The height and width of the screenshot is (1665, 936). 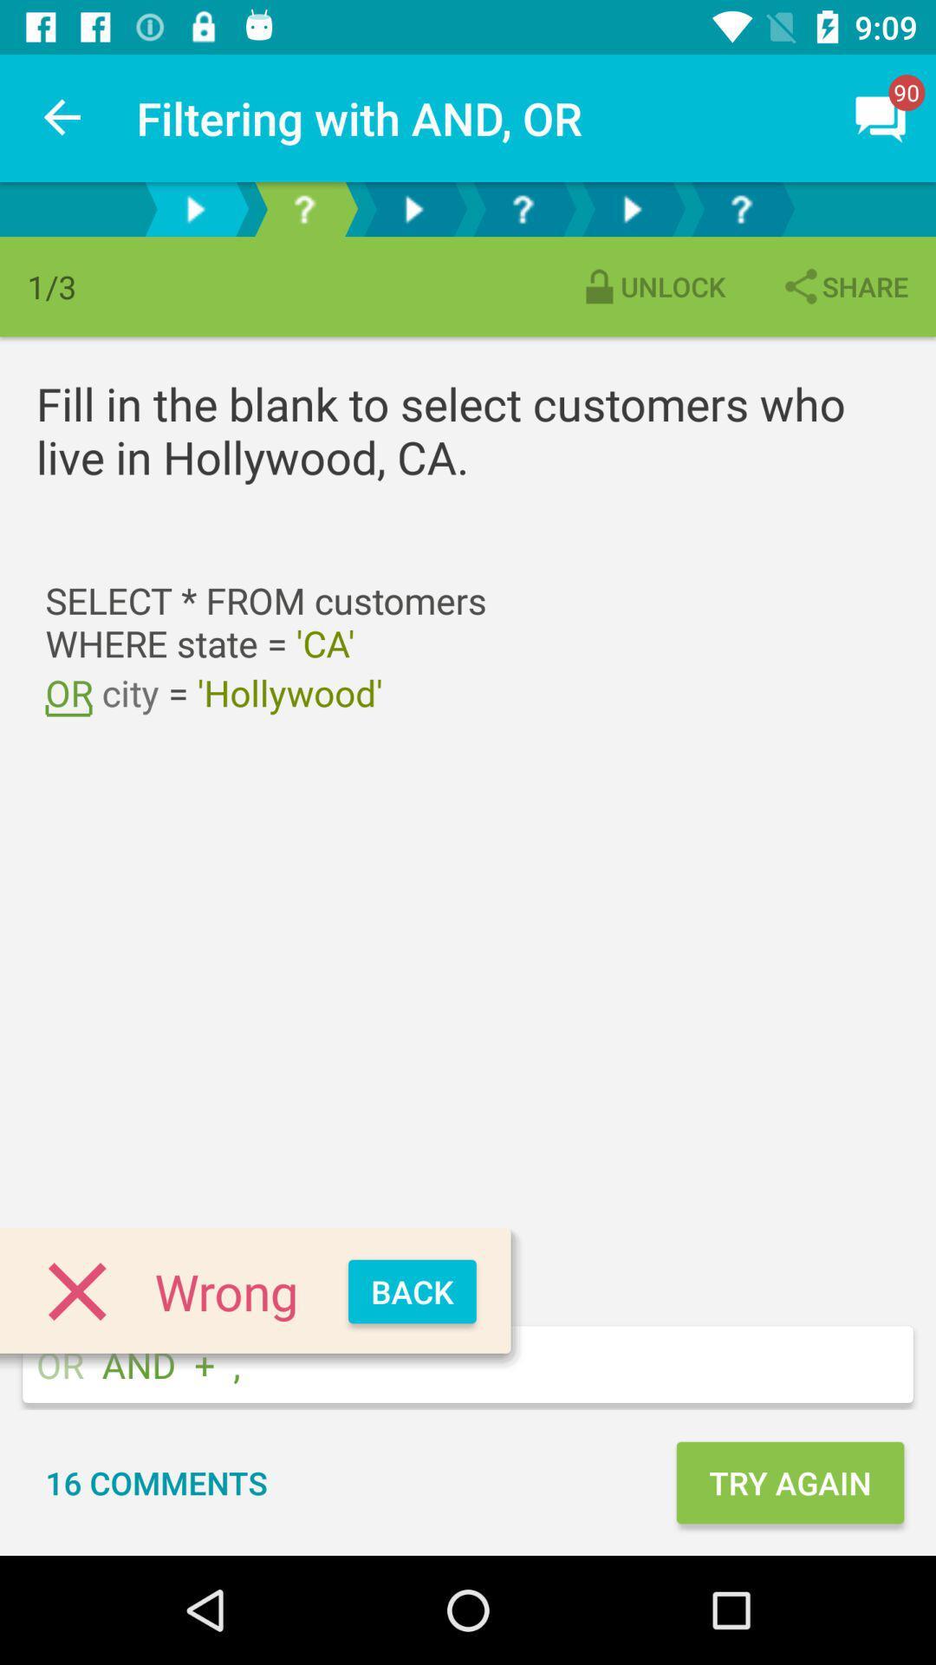 What do you see at coordinates (412, 1291) in the screenshot?
I see `the item to the right of the wrong icon` at bounding box center [412, 1291].